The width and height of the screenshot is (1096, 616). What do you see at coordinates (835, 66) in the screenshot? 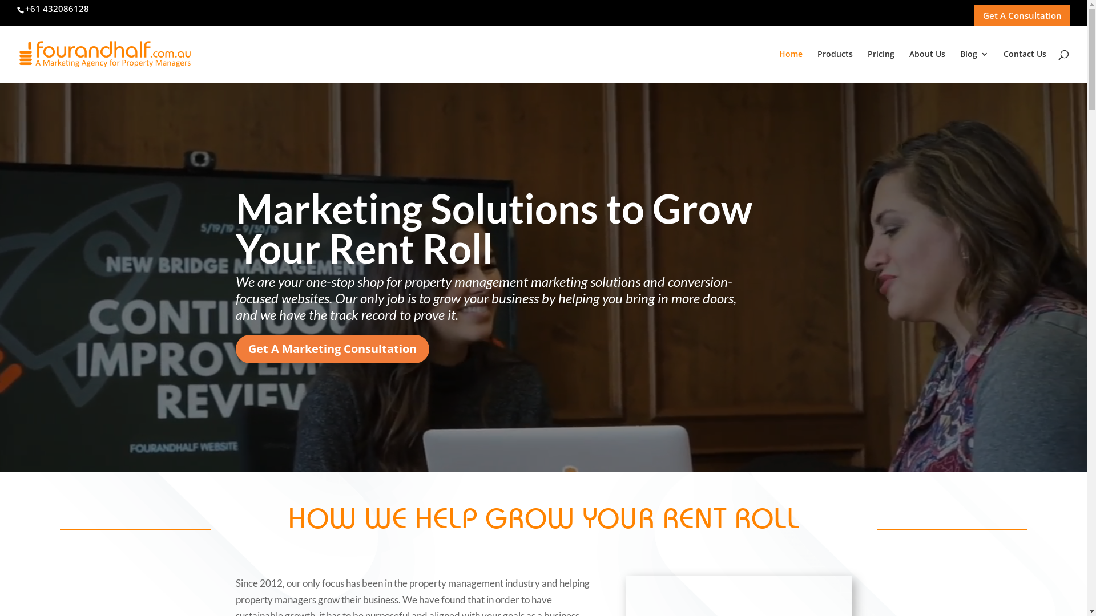
I see `'Products'` at bounding box center [835, 66].